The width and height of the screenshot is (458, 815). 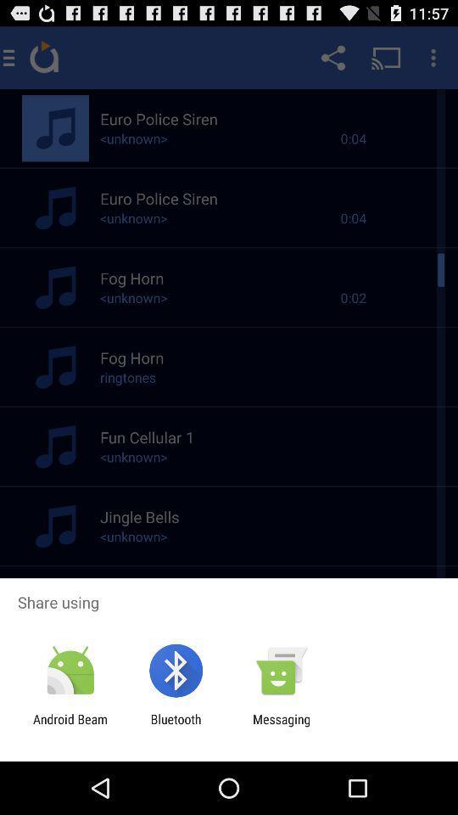 I want to click on the app to the left of the messaging, so click(x=175, y=726).